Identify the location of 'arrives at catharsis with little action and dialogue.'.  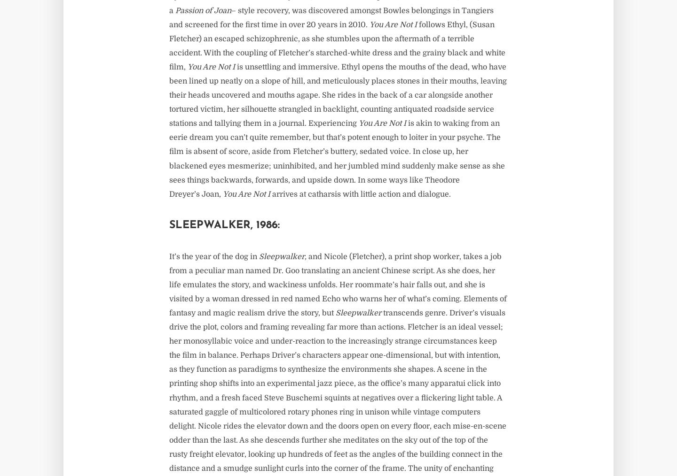
(270, 193).